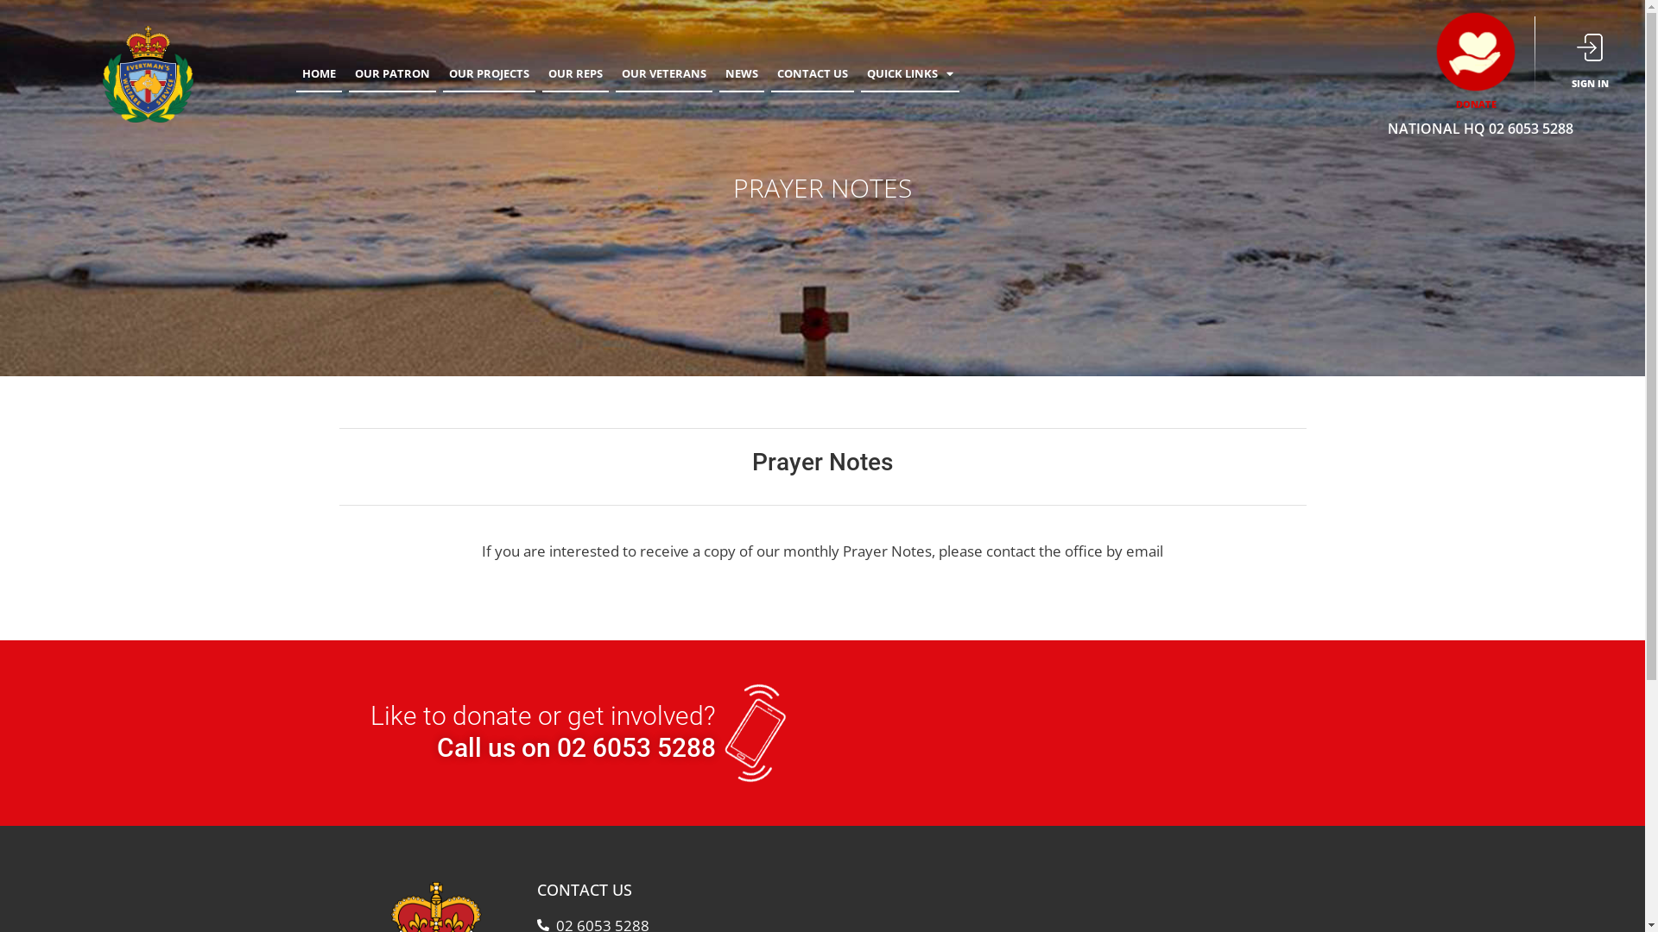 The width and height of the screenshot is (1658, 932). Describe the element at coordinates (1589, 83) in the screenshot. I see `'SIGN IN'` at that location.